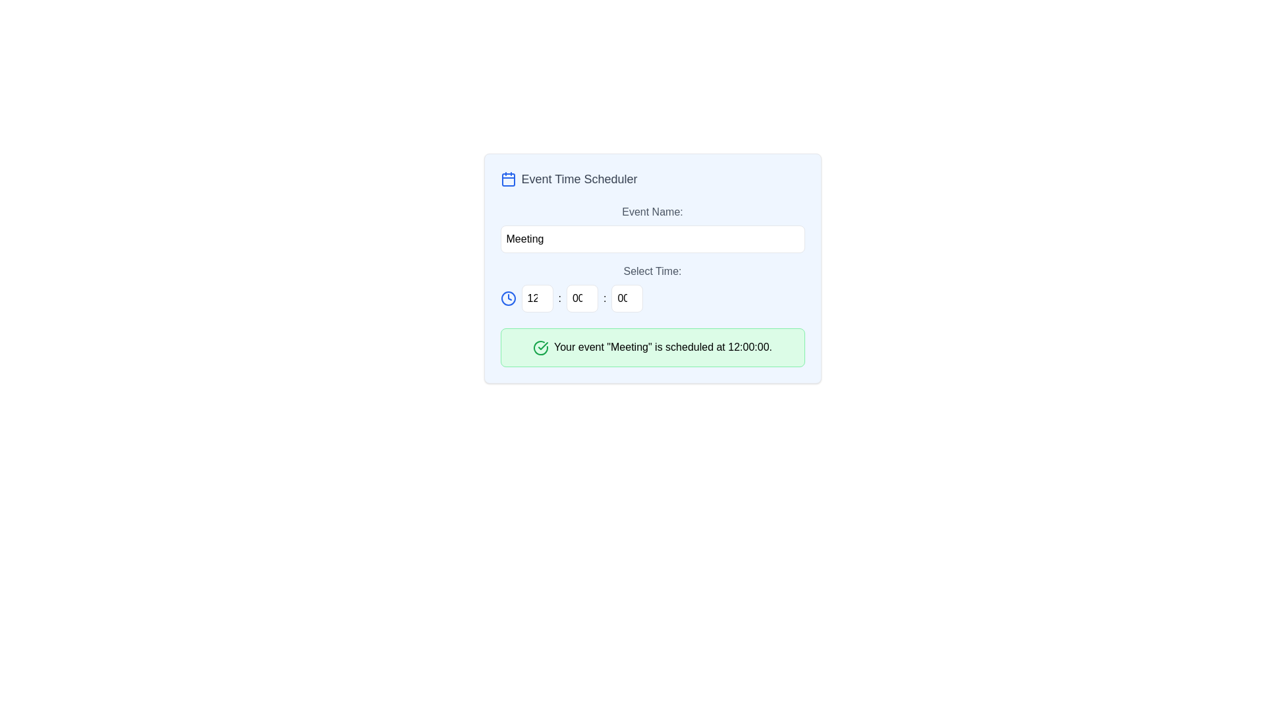 The image size is (1265, 712). Describe the element at coordinates (507, 180) in the screenshot. I see `the inner rectangle of the calendar icon, which is part of the visual representation conveying scheduling or date-related functionality` at that location.